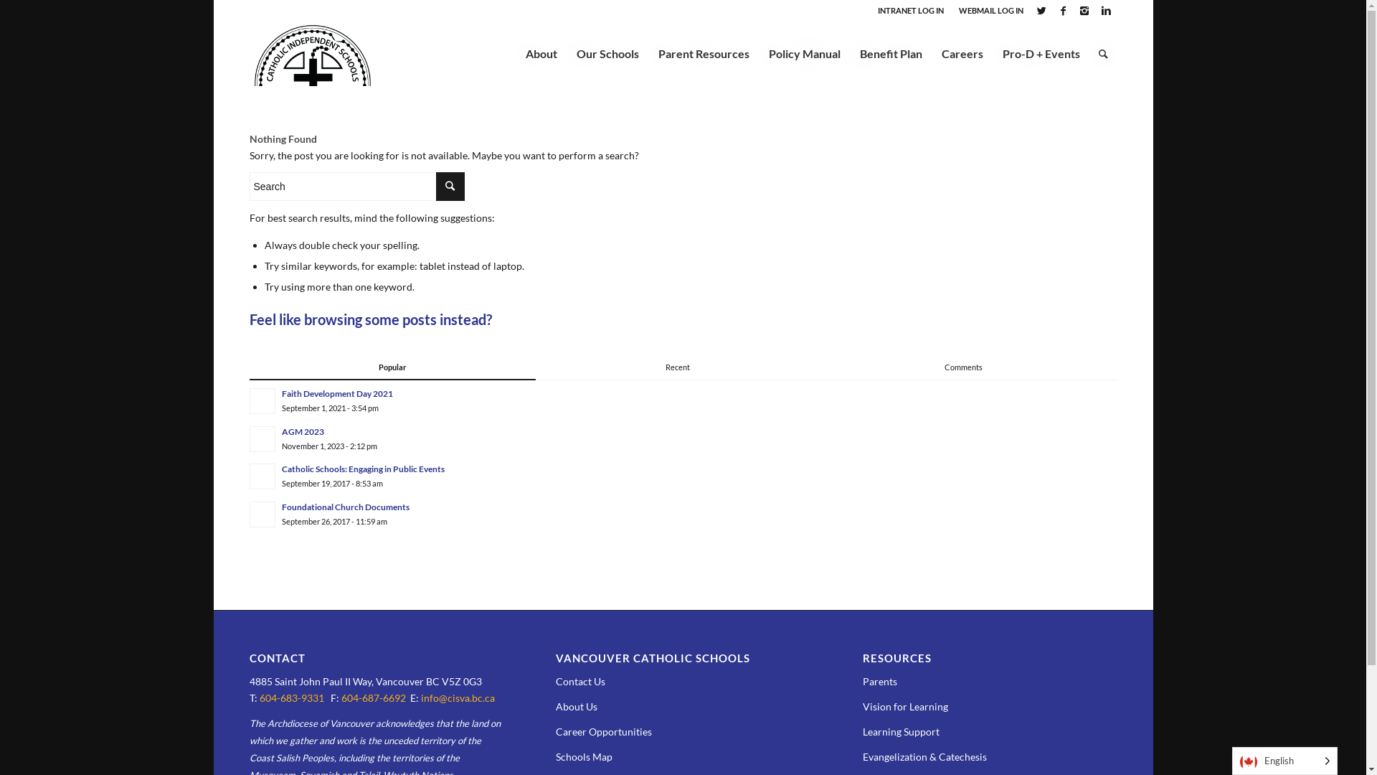 The height and width of the screenshot is (775, 1377). What do you see at coordinates (1084, 11) in the screenshot?
I see `'Instagram'` at bounding box center [1084, 11].